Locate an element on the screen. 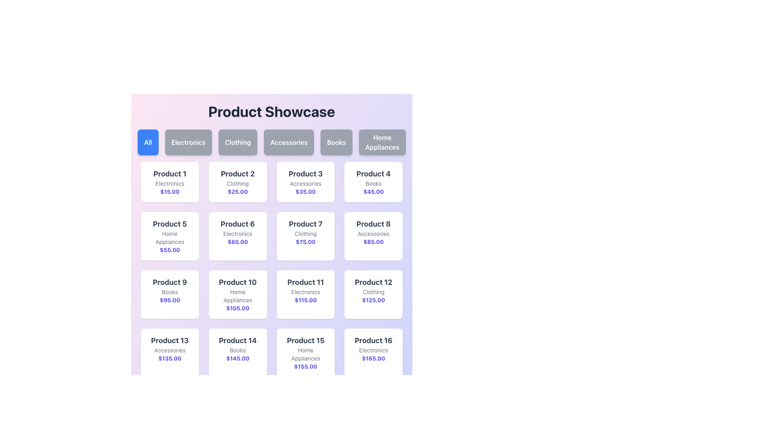 This screenshot has height=437, width=777. category label text located beneath the 'Product 6' text and above the price tag '$65.00' within the product card is located at coordinates (237, 234).